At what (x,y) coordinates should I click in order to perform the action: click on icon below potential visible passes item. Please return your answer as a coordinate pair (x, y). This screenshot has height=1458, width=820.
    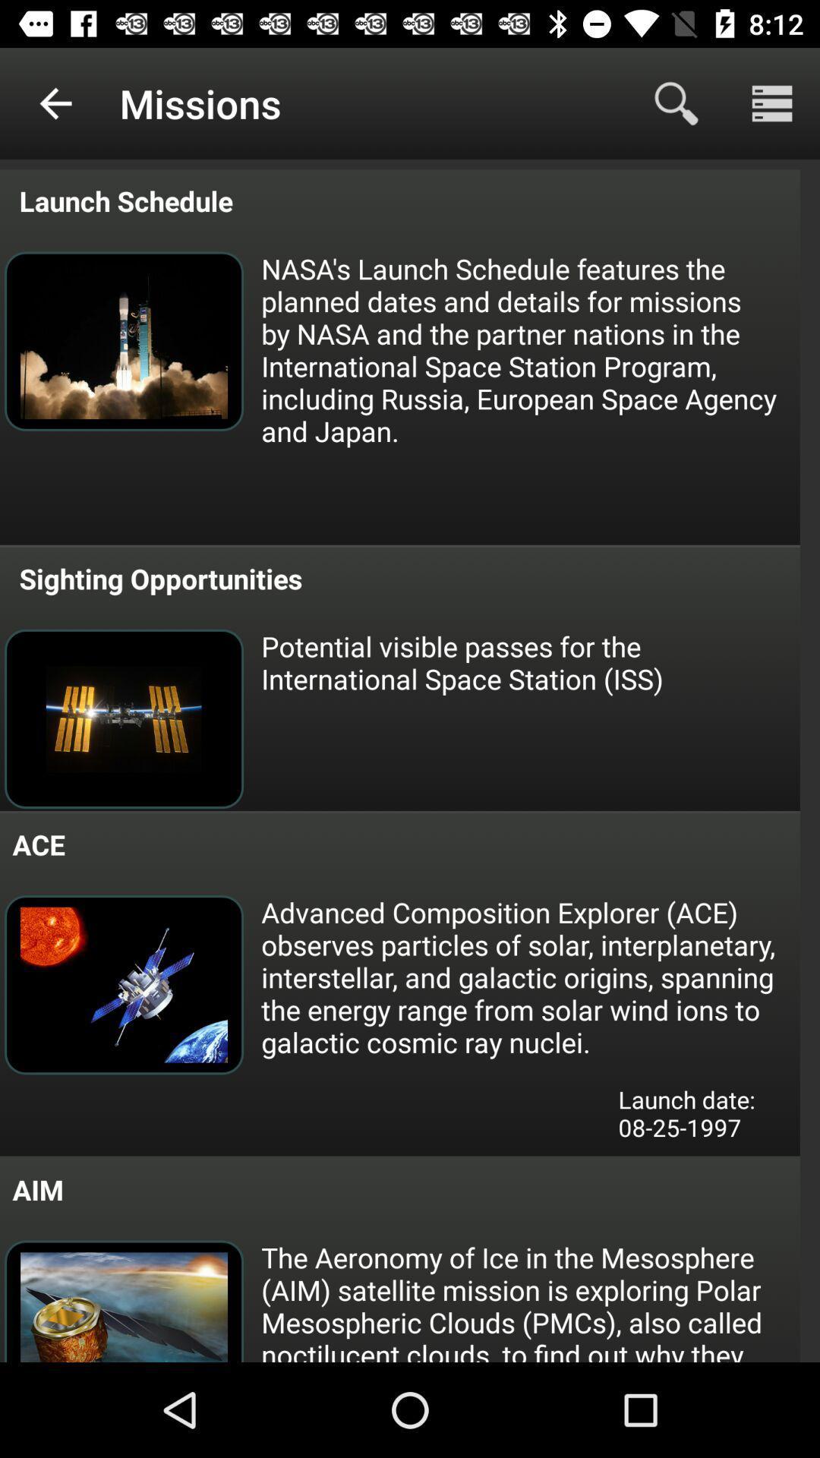
    Looking at the image, I should click on (528, 977).